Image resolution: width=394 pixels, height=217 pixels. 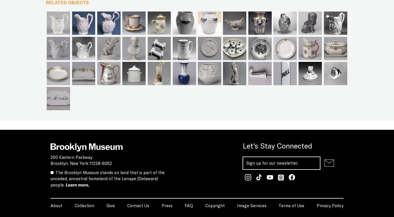 What do you see at coordinates (84, 205) in the screenshot?
I see `'Collection'` at bounding box center [84, 205].